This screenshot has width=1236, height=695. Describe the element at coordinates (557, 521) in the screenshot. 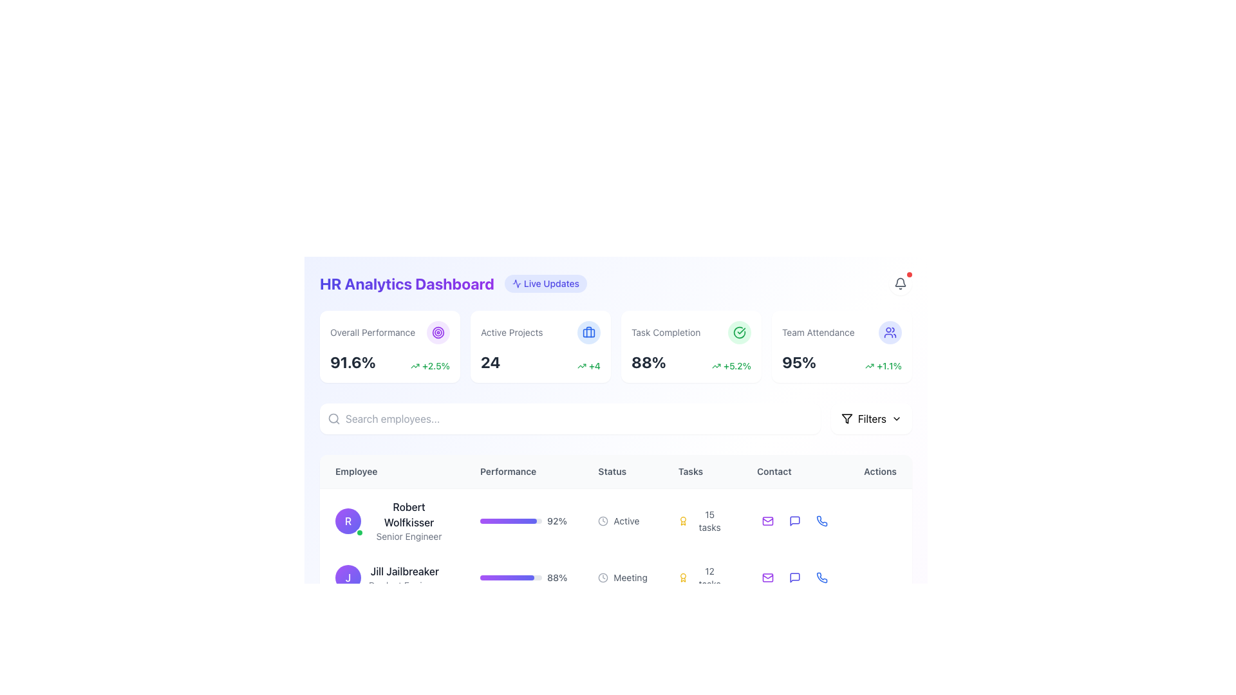

I see `the text component displaying '92%' which is styled in gray and positioned to the right of a gradient completion bar` at that location.